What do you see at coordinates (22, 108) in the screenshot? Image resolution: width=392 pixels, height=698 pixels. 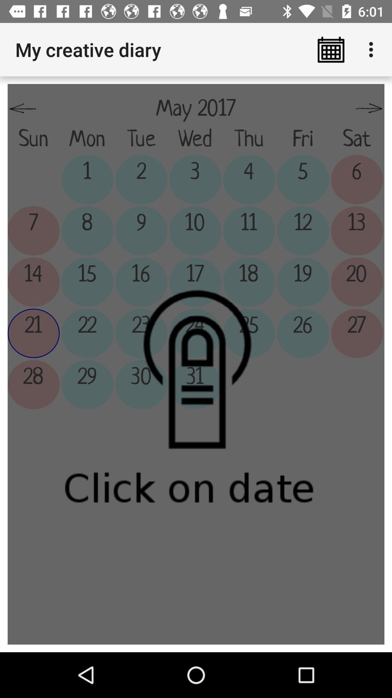 I see `the icon to the left of may 2017 item` at bounding box center [22, 108].